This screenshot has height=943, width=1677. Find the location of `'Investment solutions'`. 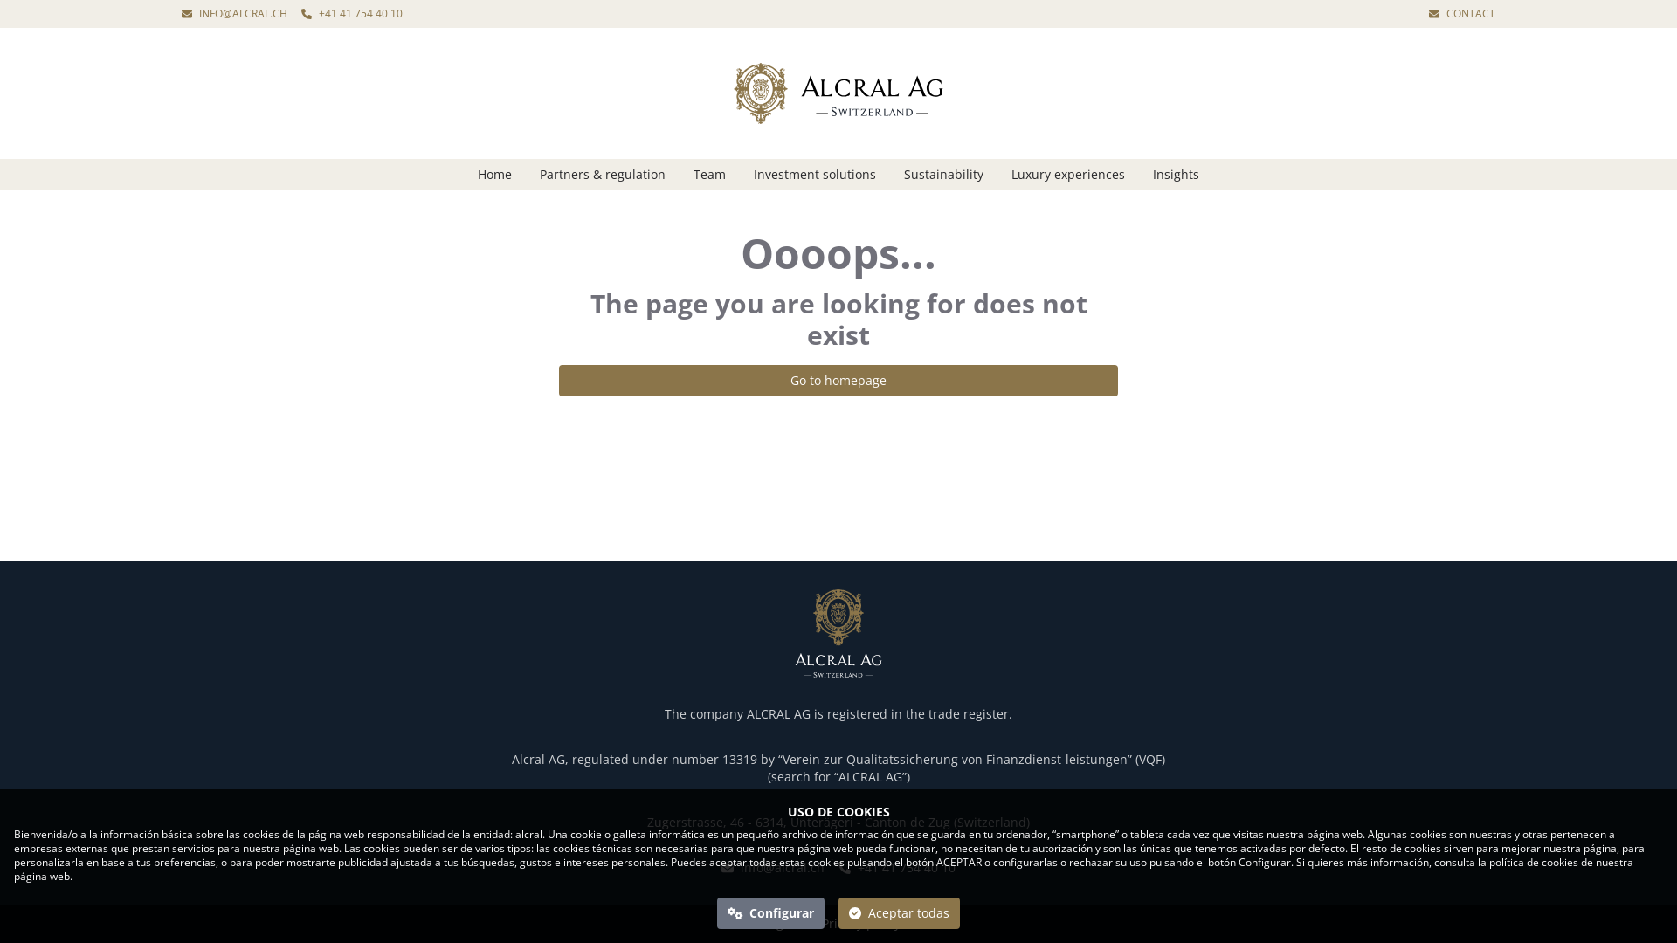

'Investment solutions' is located at coordinates (813, 175).